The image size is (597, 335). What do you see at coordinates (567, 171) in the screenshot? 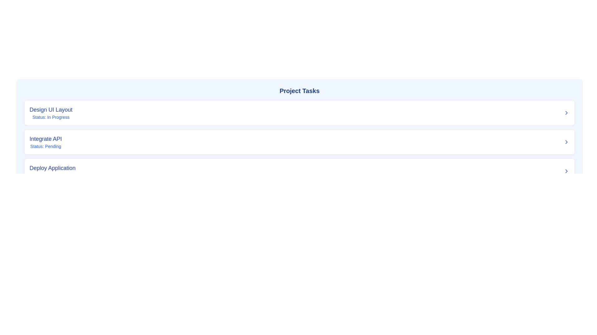
I see `the chevron icon located at the extreme right end of the card with the text 'Deploy Application' and 'Status: Completed' to indicate focus` at bounding box center [567, 171].